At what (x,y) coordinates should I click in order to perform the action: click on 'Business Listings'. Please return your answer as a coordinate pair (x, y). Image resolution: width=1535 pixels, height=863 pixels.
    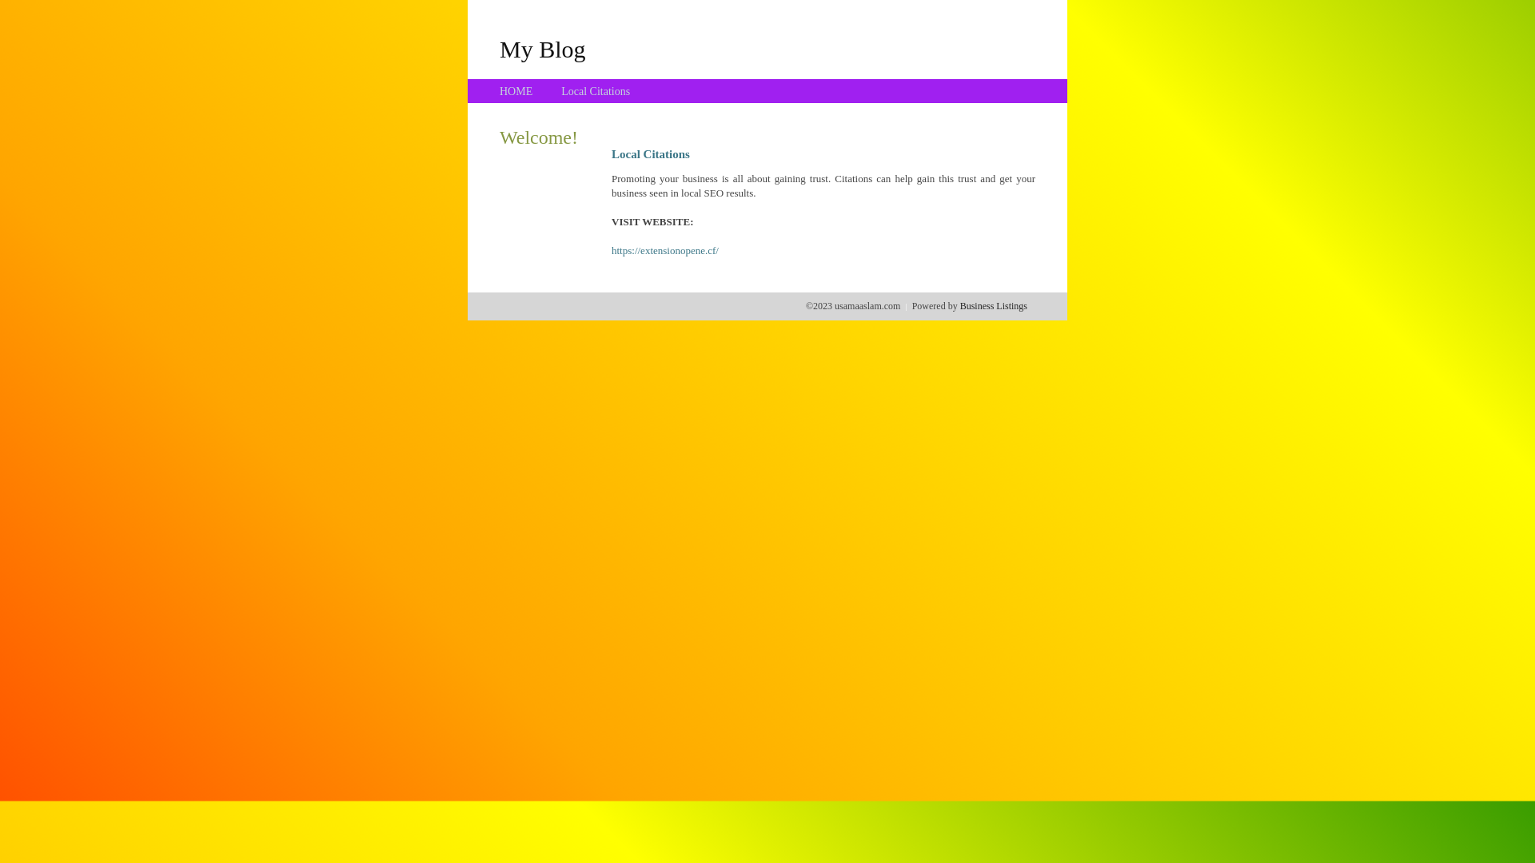
    Looking at the image, I should click on (959, 305).